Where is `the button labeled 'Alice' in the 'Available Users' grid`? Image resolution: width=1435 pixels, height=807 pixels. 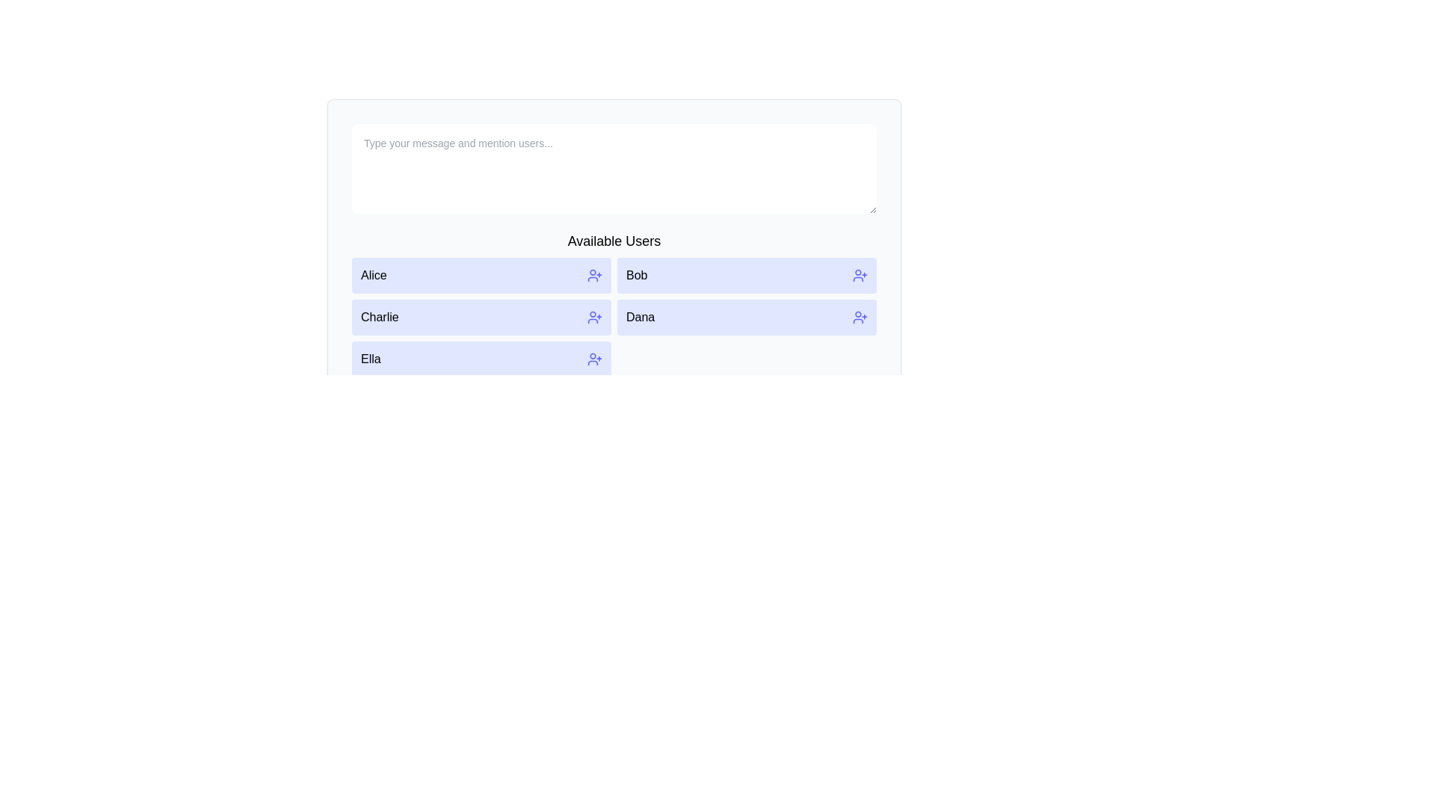
the button labeled 'Alice' in the 'Available Users' grid is located at coordinates (481, 276).